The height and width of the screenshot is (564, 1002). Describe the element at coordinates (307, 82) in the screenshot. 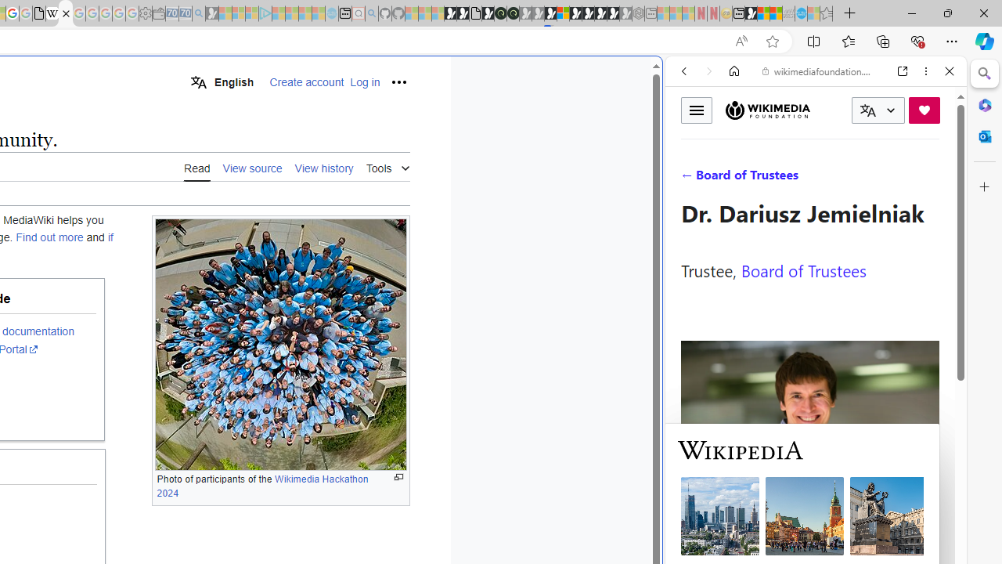

I see `'Create account'` at that location.